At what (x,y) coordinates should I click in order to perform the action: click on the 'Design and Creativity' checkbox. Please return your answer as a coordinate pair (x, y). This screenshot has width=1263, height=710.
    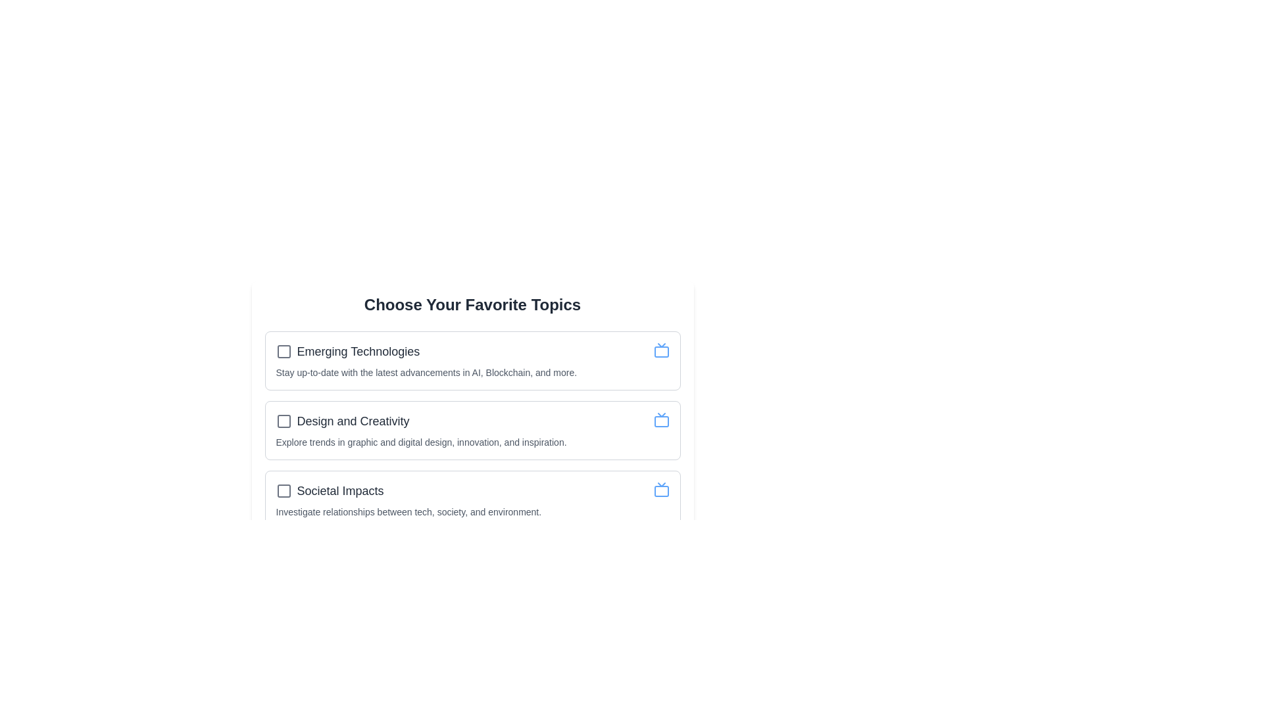
    Looking at the image, I should click on (343, 421).